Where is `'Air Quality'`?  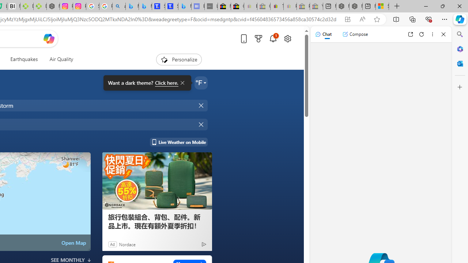 'Air Quality' is located at coordinates (58, 59).